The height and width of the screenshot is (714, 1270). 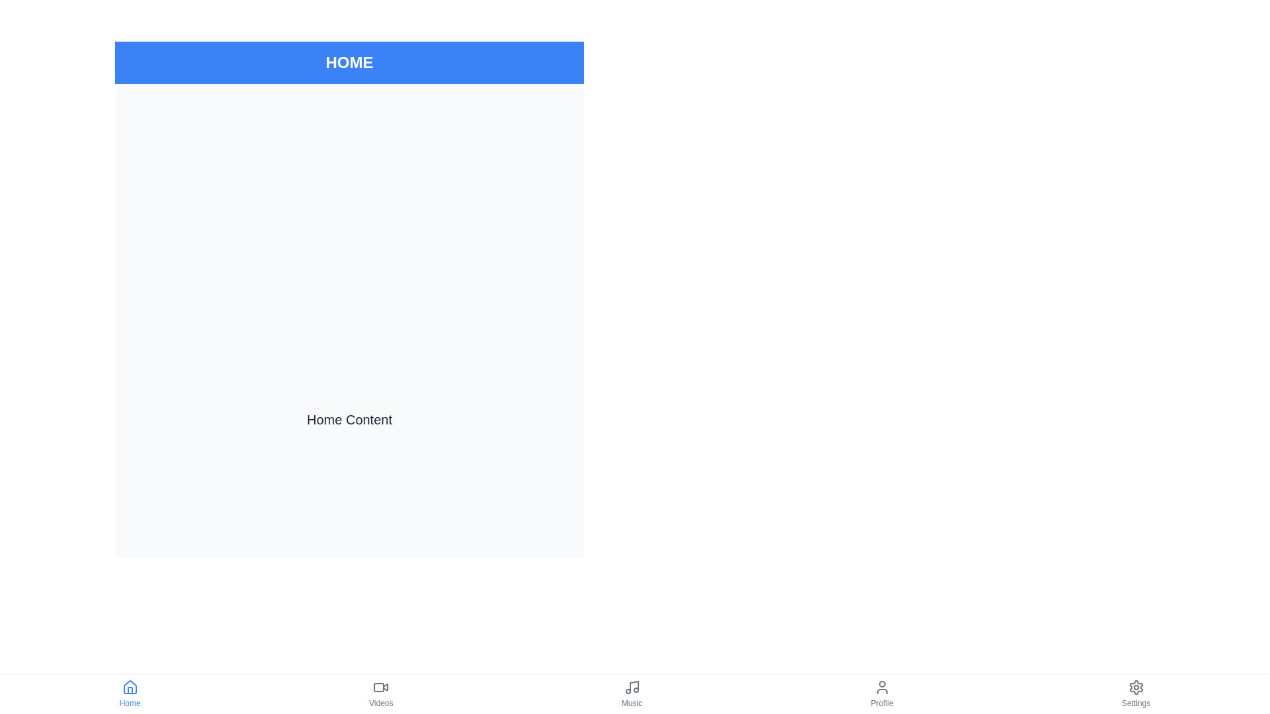 What do you see at coordinates (631, 693) in the screenshot?
I see `the Navigation Tab` at bounding box center [631, 693].